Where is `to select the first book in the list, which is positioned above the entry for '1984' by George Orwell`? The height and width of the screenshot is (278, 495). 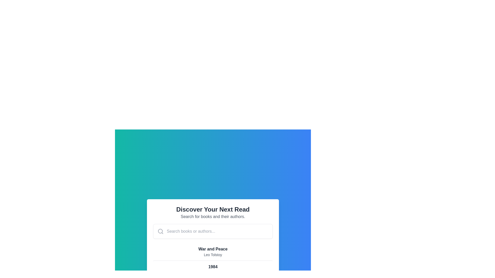
to select the first book in the list, which is positioned above the entry for '1984' by George Orwell is located at coordinates (213, 251).